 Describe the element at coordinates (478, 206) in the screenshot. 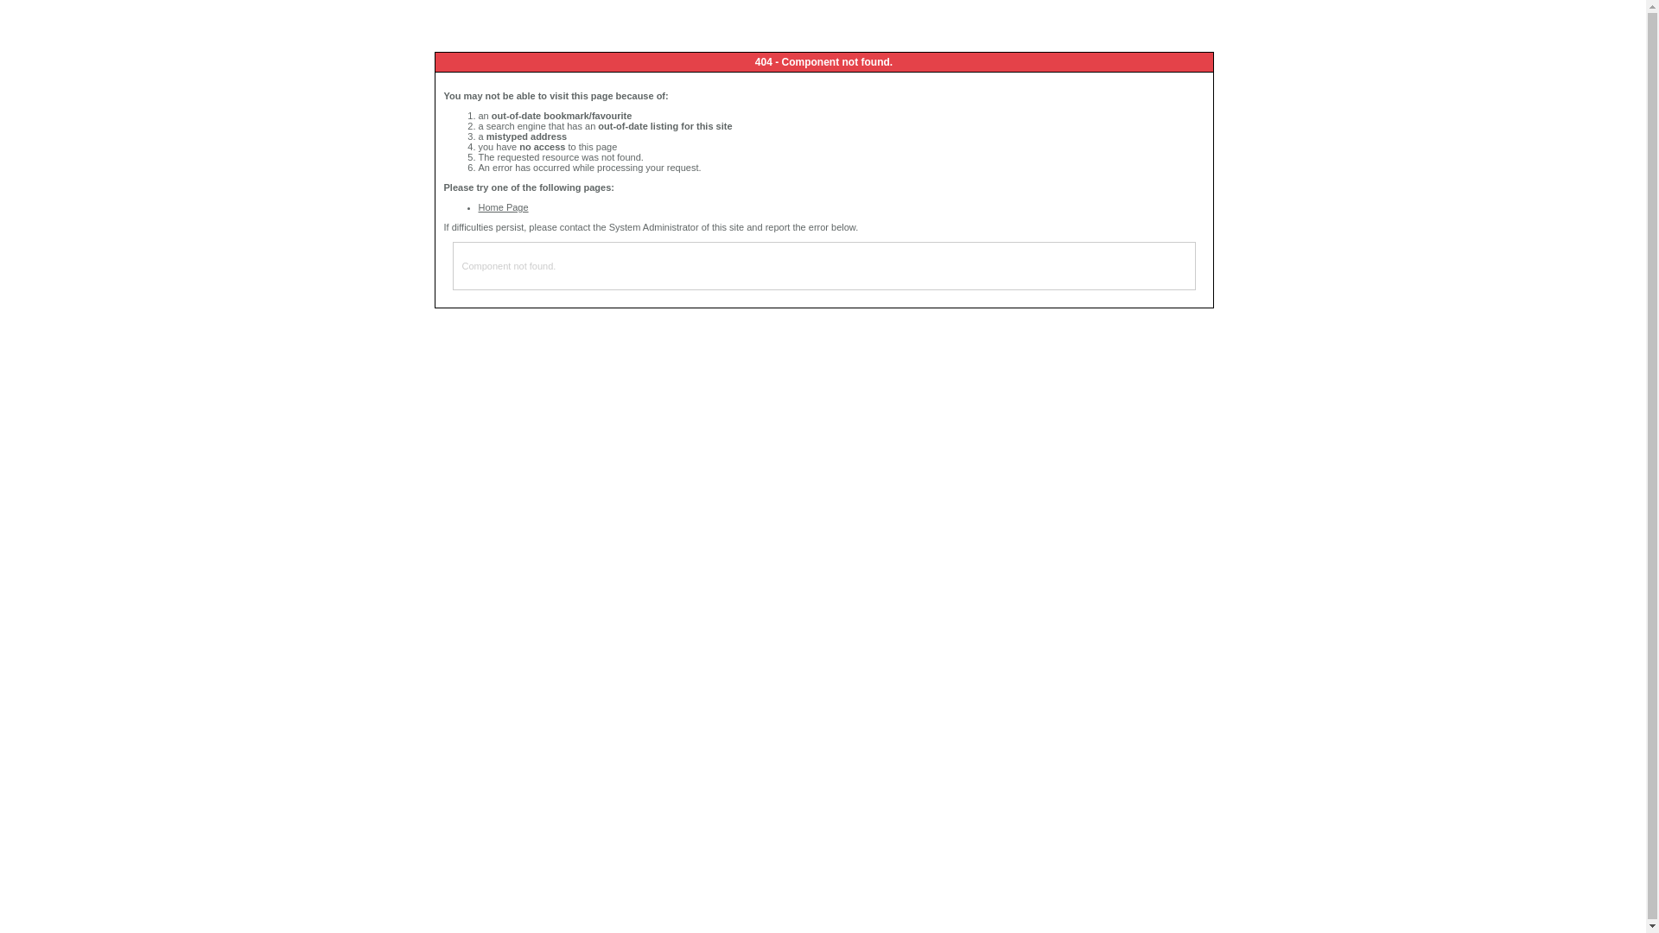

I see `'Home Page'` at that location.